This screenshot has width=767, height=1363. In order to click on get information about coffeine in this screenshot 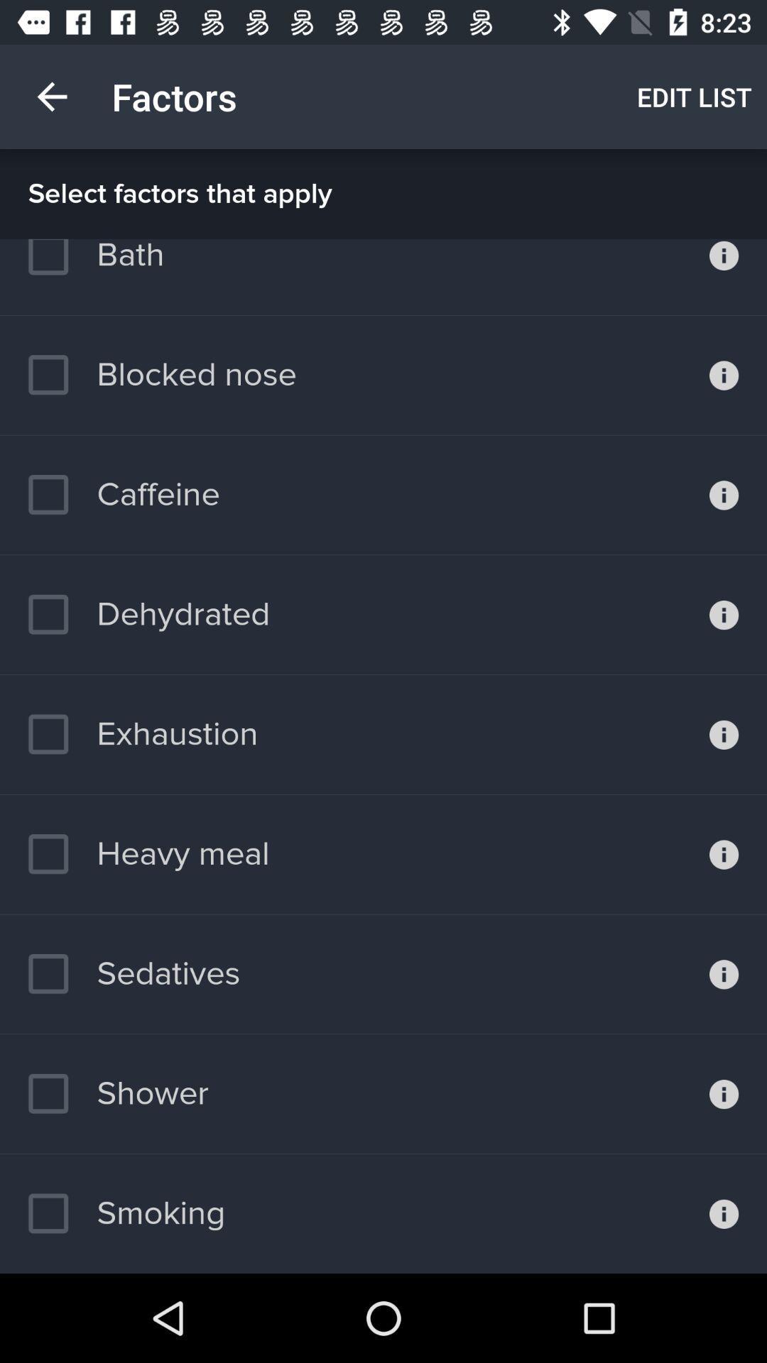, I will do `click(724, 495)`.